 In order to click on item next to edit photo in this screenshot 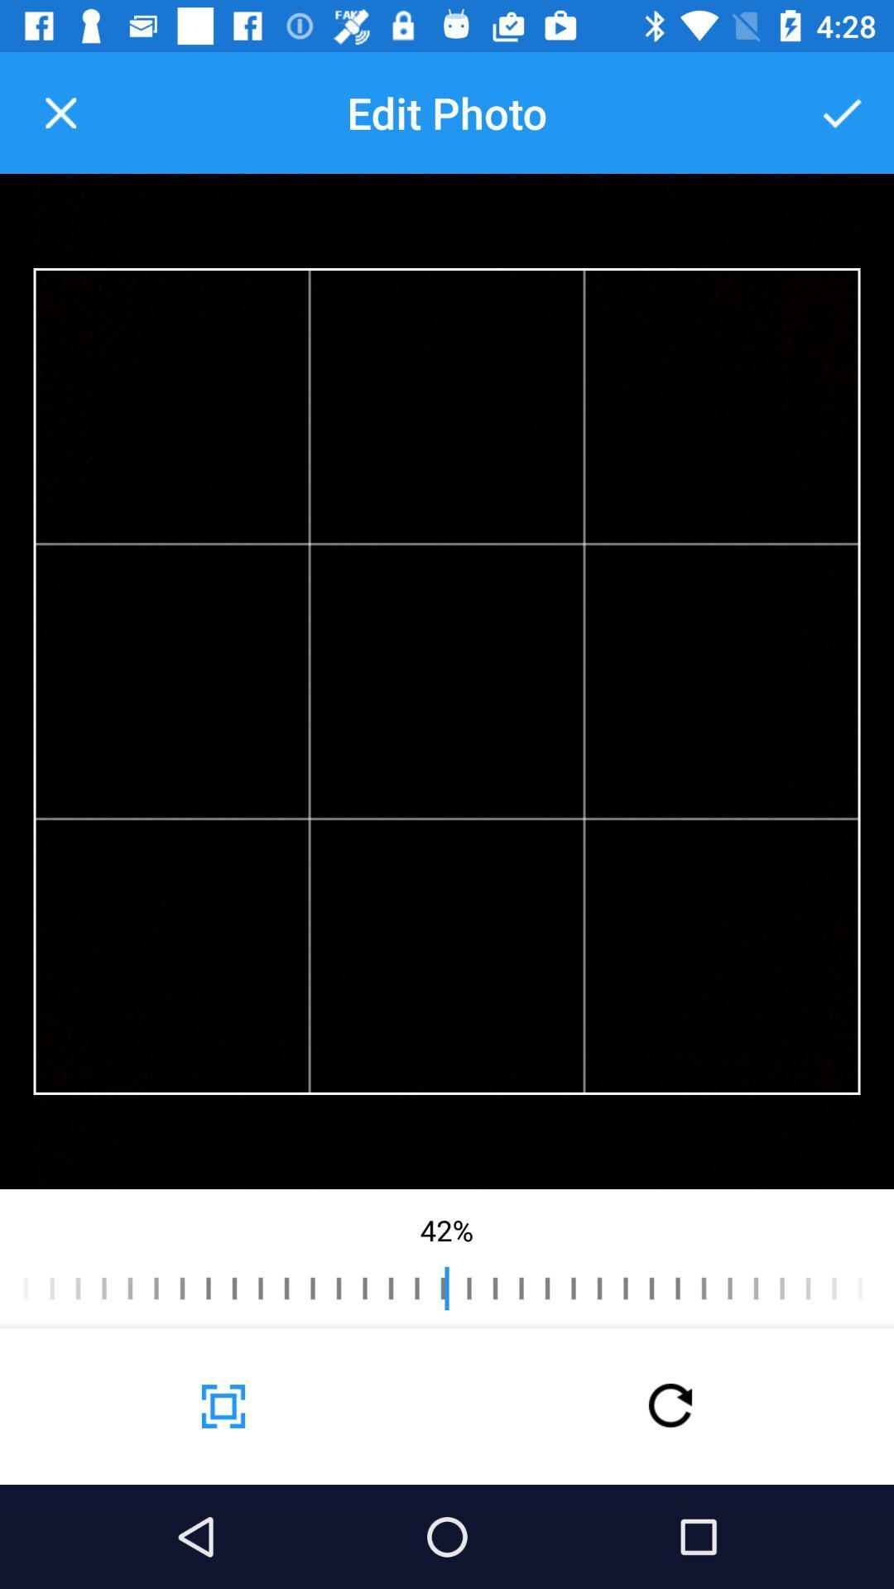, I will do `click(60, 112)`.